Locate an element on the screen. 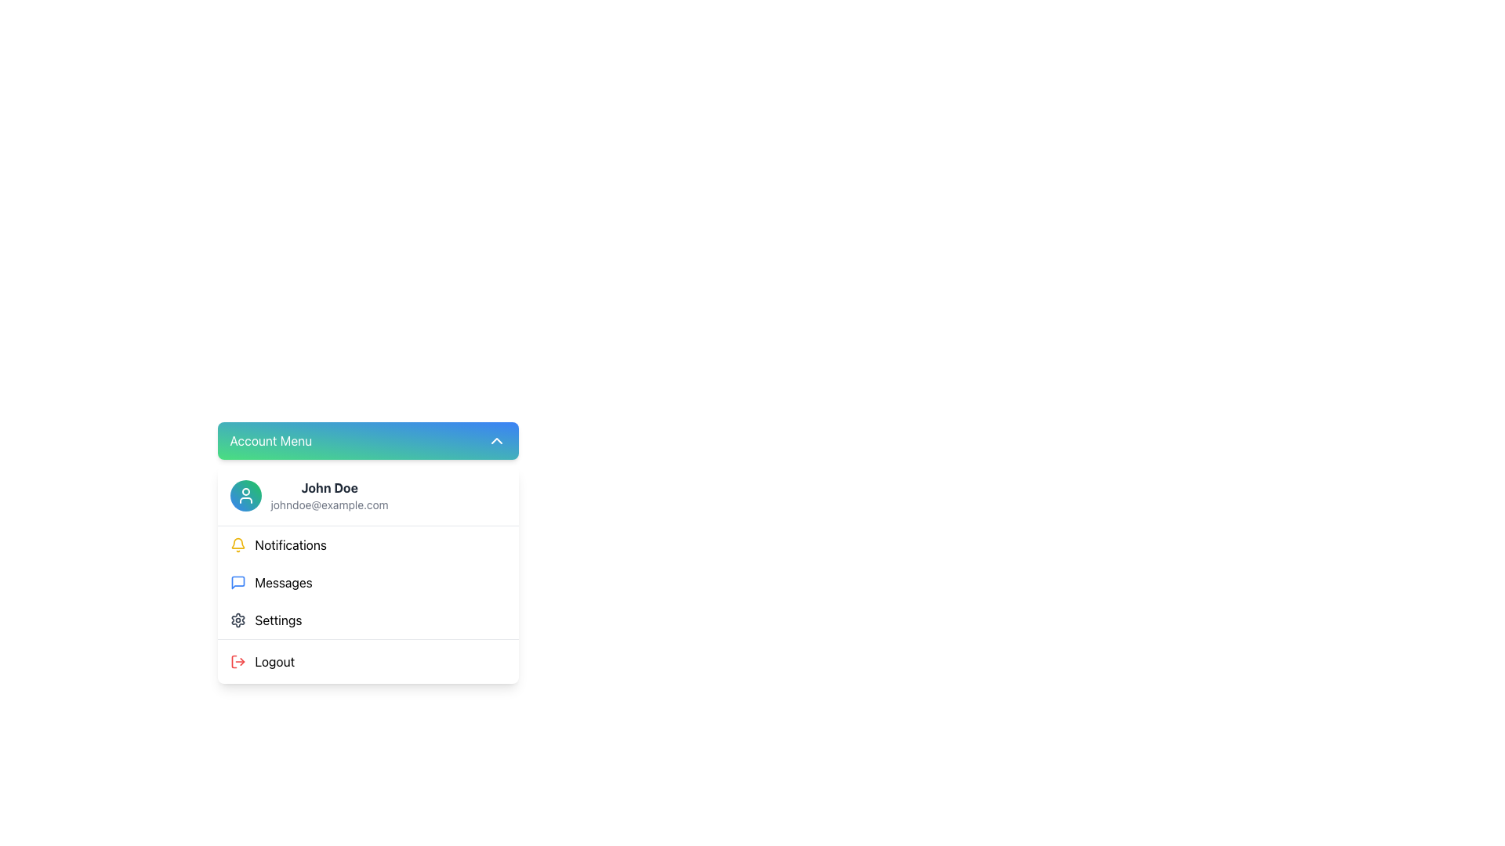 This screenshot has width=1505, height=846. the 'Messages' icon in the Account Menu dropdown, located to the left of the text label 'Messages' is located at coordinates (237, 583).